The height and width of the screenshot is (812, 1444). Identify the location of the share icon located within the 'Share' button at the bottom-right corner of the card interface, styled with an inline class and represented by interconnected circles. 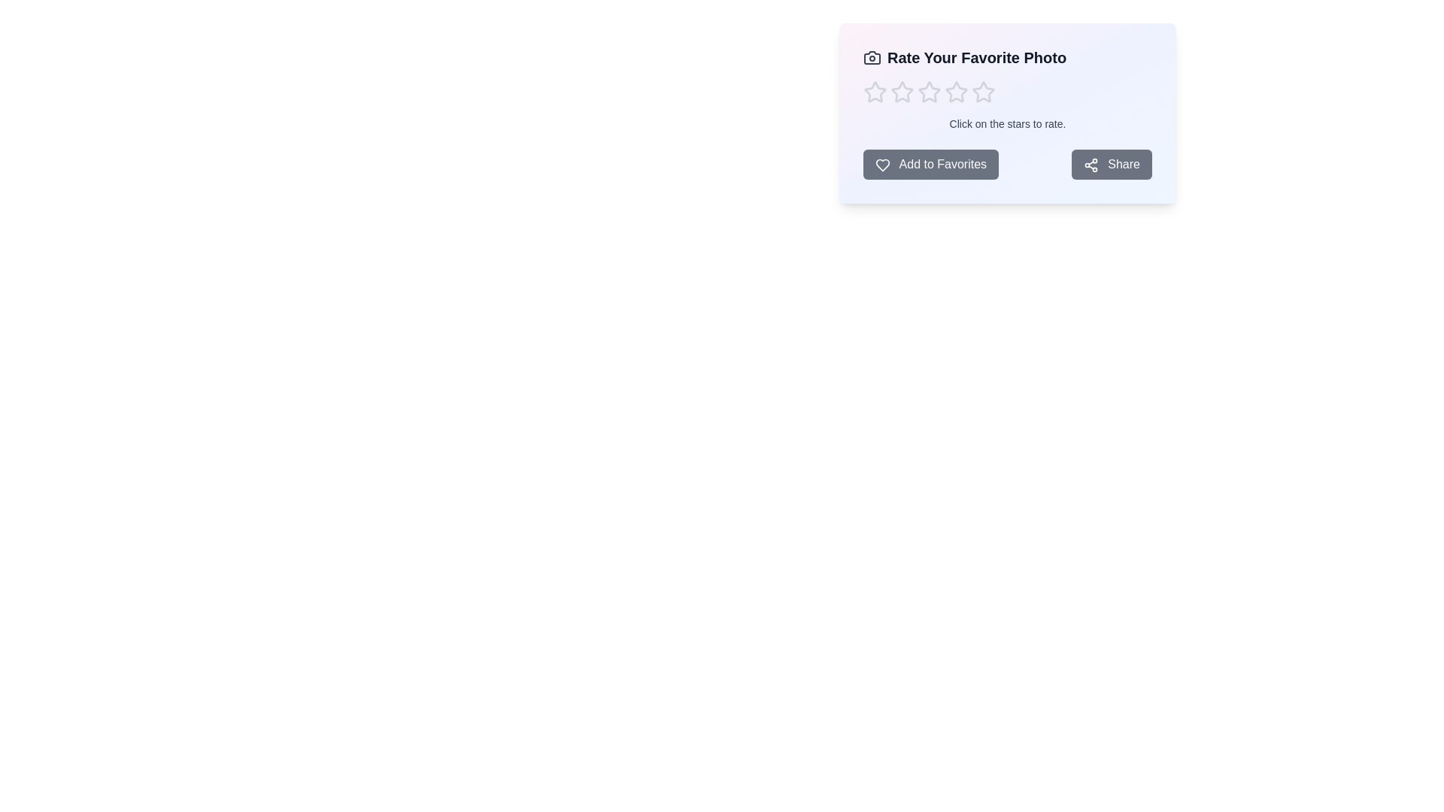
(1091, 165).